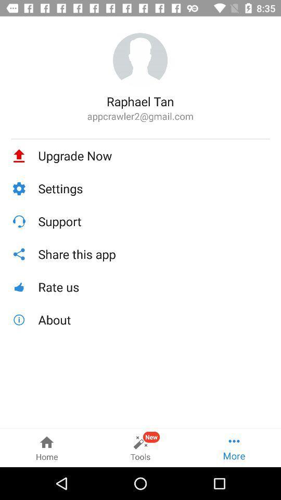 Image resolution: width=281 pixels, height=500 pixels. I want to click on icon above the rate us, so click(154, 254).